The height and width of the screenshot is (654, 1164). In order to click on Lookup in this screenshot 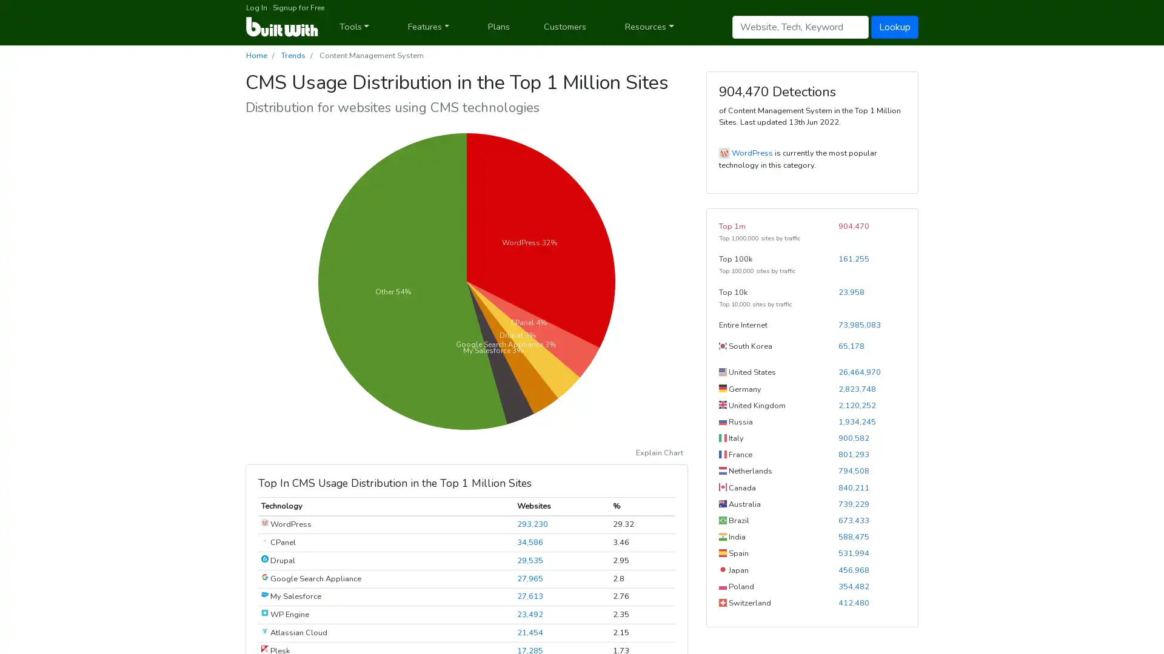, I will do `click(895, 26)`.